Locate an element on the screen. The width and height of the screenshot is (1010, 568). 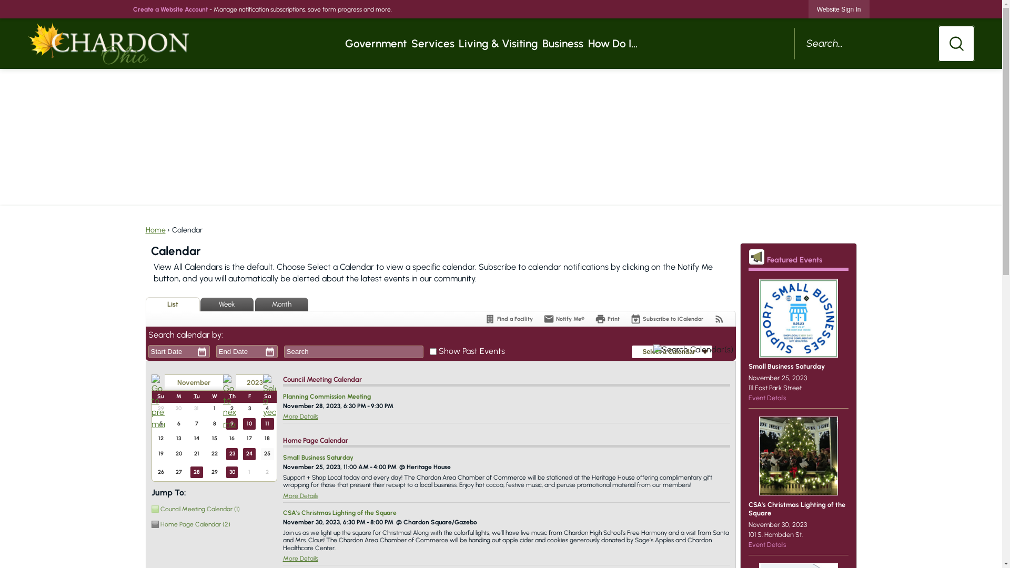
'2023' is located at coordinates (248, 382).